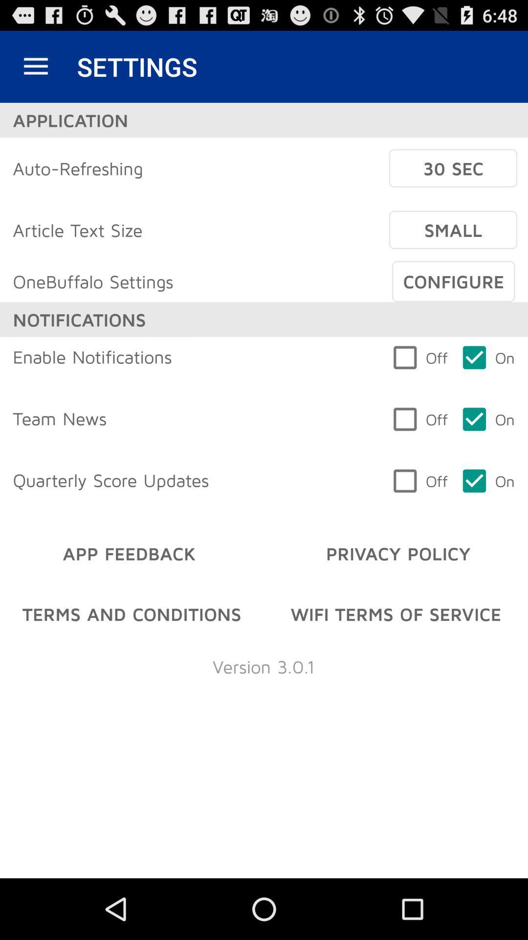  I want to click on item to the right of the onebuffalo settings, so click(453, 281).